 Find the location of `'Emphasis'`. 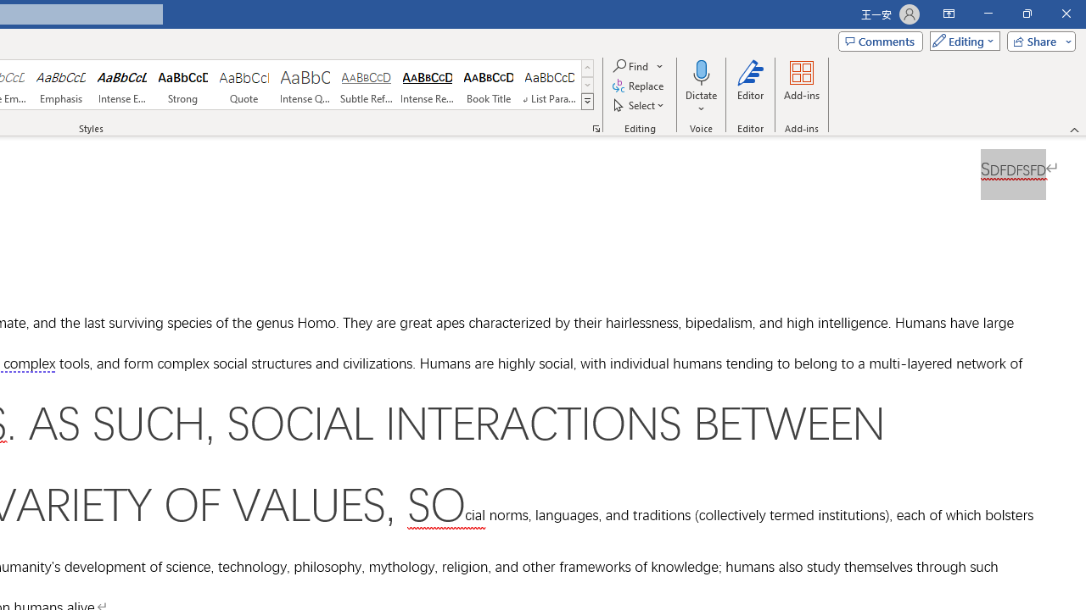

'Emphasis' is located at coordinates (60, 85).